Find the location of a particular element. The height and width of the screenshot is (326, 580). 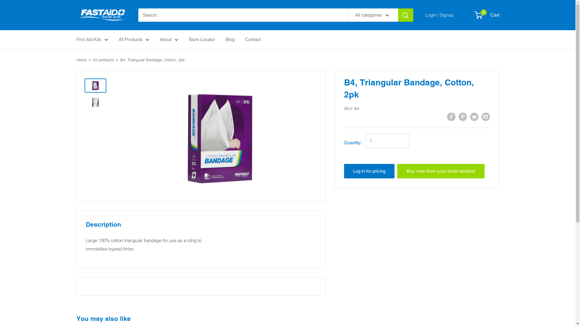

'Blog' is located at coordinates (230, 40).